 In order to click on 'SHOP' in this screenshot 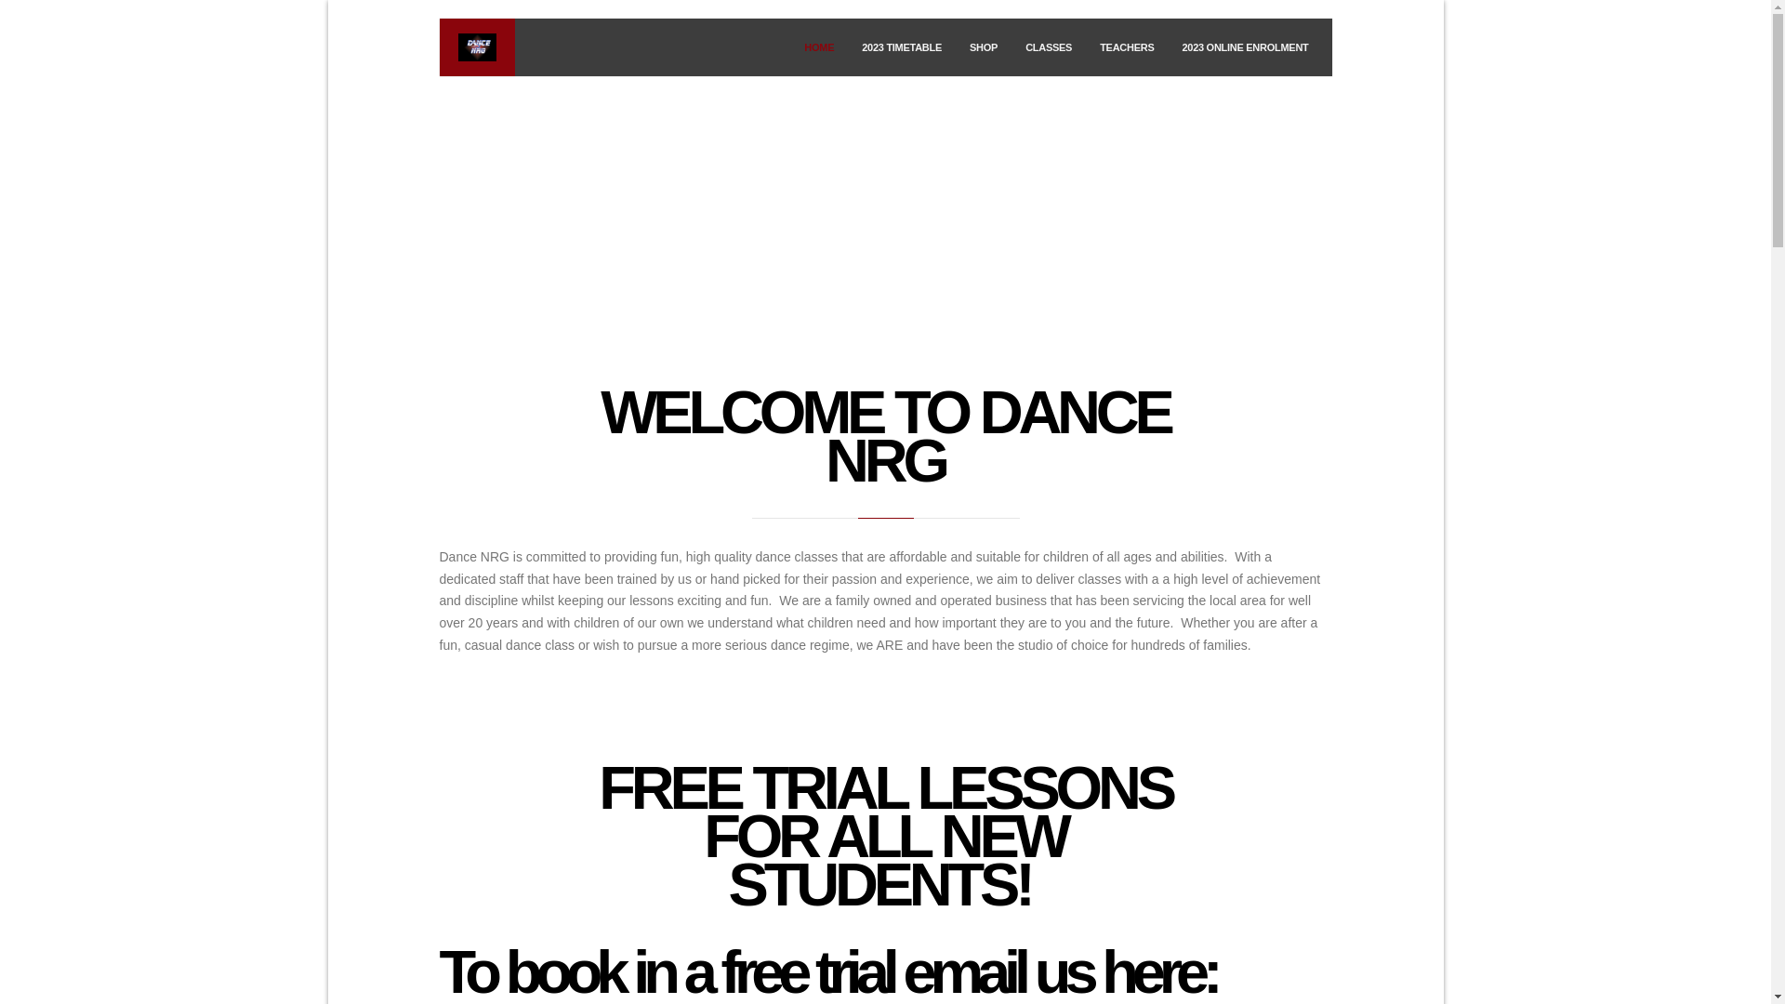, I will do `click(982, 46)`.